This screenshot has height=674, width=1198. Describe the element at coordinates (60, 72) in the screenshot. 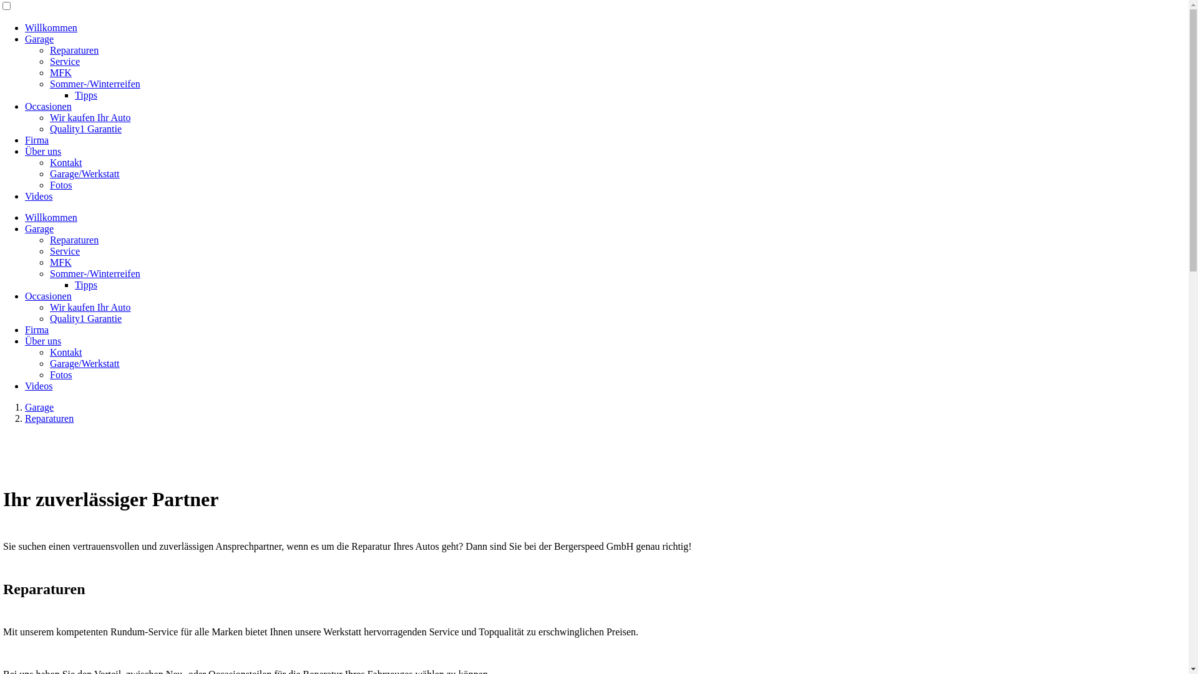

I see `'MFK'` at that location.